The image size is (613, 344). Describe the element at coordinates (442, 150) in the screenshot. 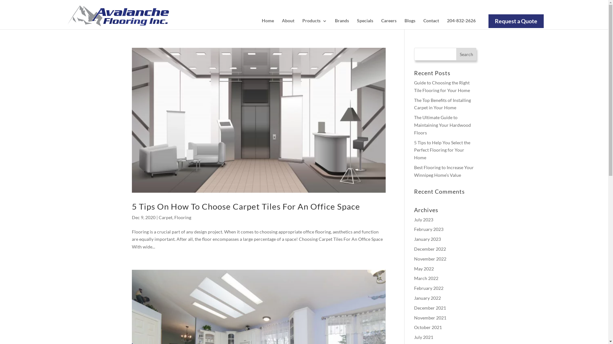

I see `'5 Tips to Help You Select the Perfect Flooring for Your Home'` at that location.